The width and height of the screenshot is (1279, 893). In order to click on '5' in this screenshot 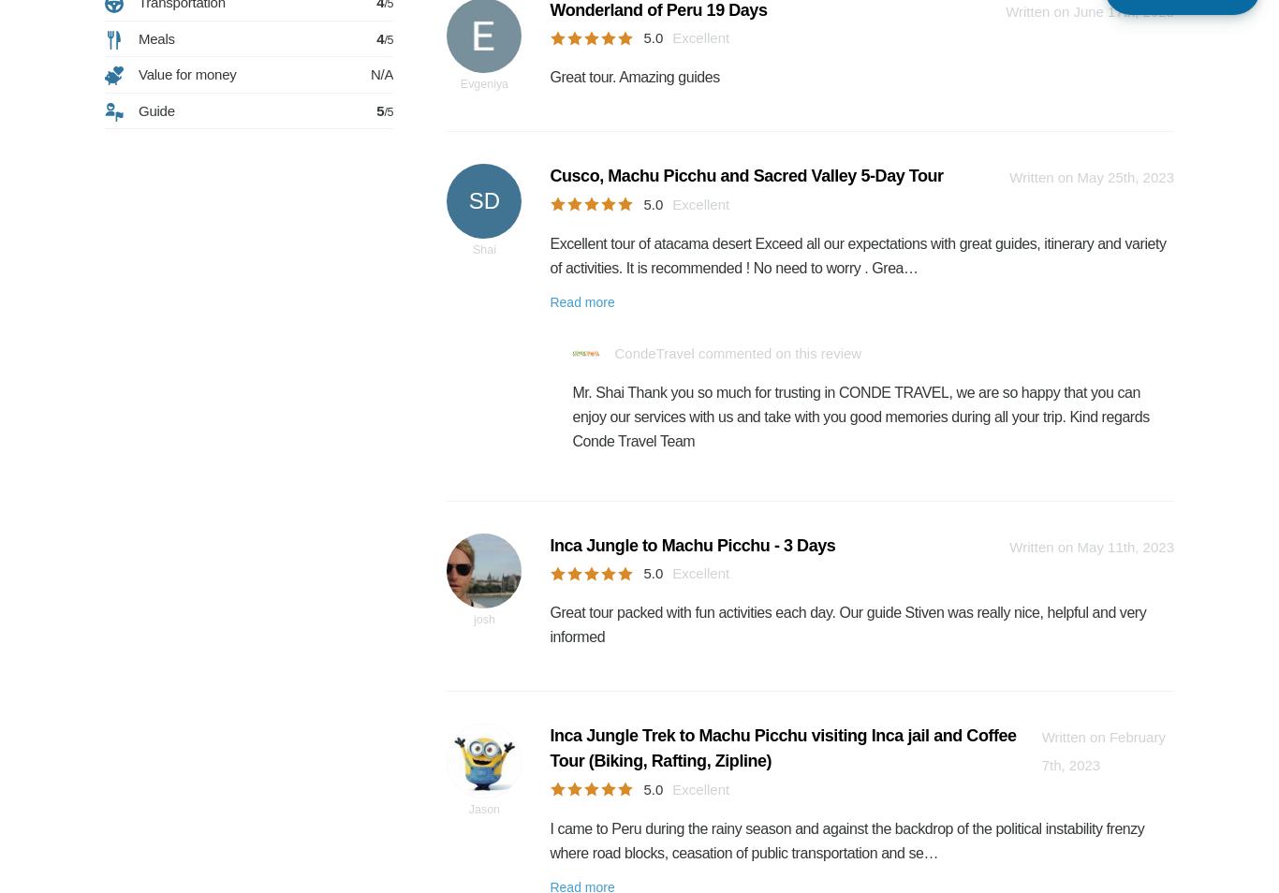, I will do `click(378, 109)`.